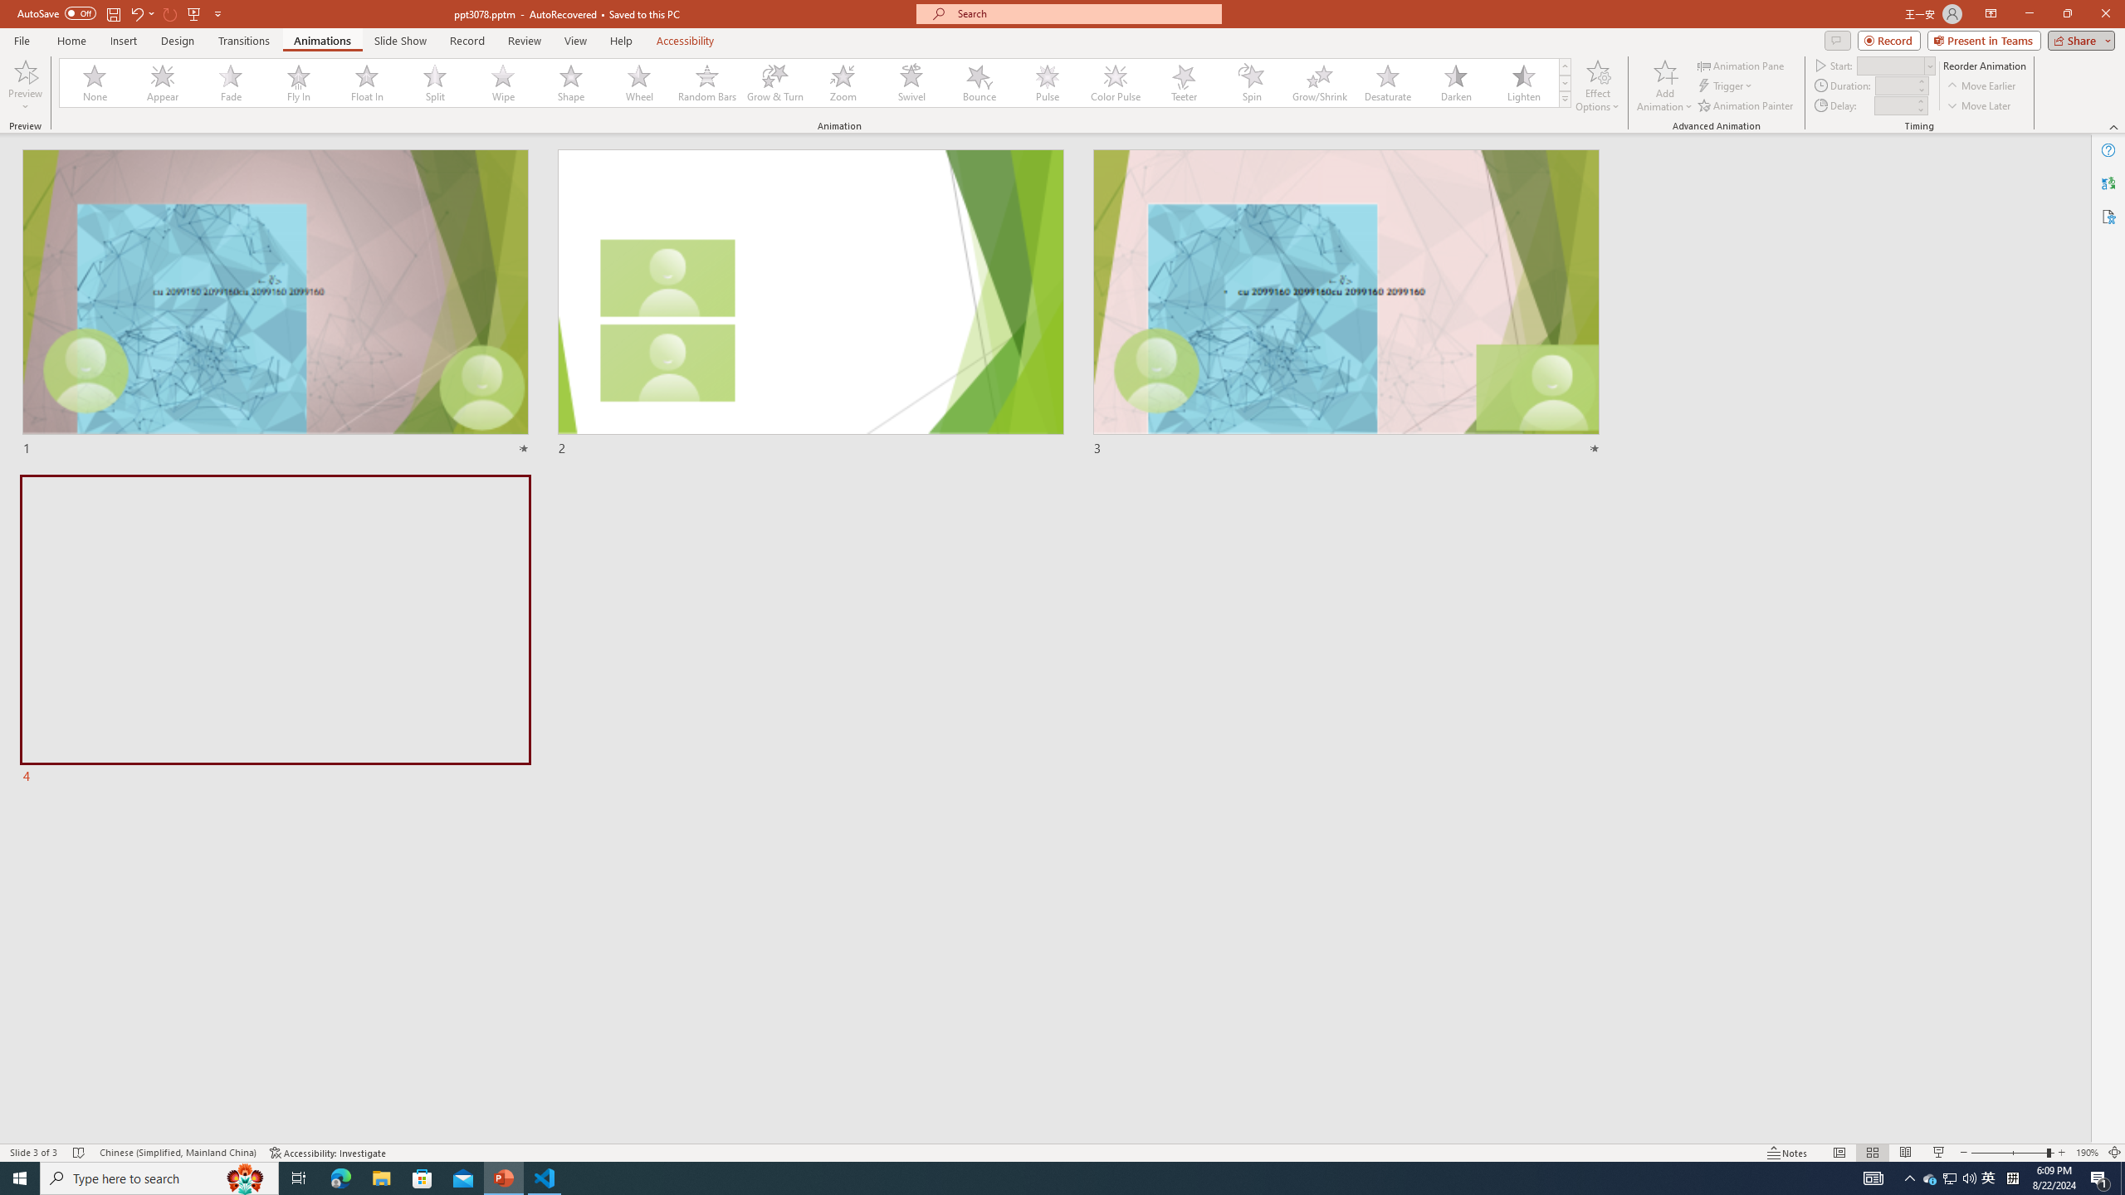 Image resolution: width=2125 pixels, height=1195 pixels. I want to click on 'Wheel', so click(639, 82).